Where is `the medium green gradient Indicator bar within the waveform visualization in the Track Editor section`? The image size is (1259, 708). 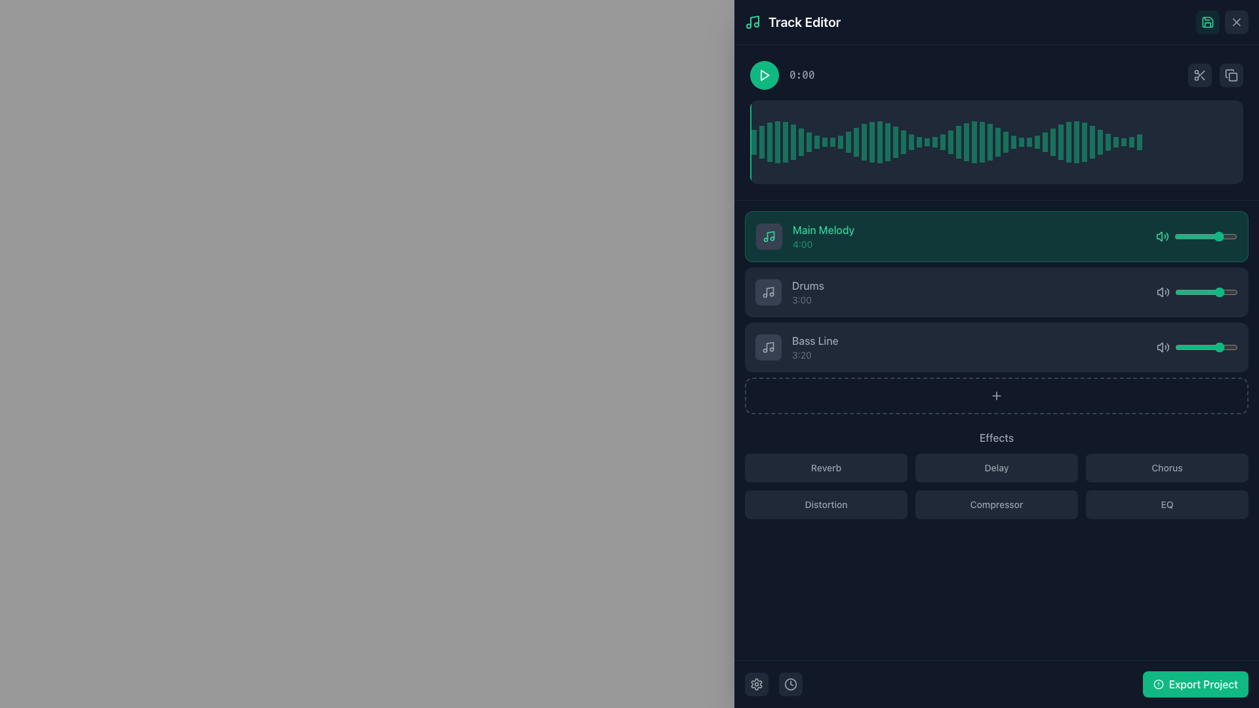
the medium green gradient Indicator bar within the waveform visualization in the Track Editor section is located at coordinates (911, 142).